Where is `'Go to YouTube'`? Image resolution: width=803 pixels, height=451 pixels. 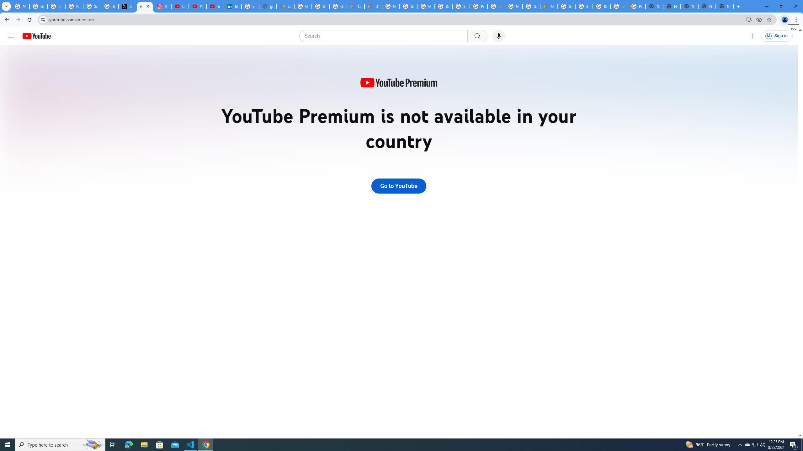
'Go to YouTube' is located at coordinates (399, 186).